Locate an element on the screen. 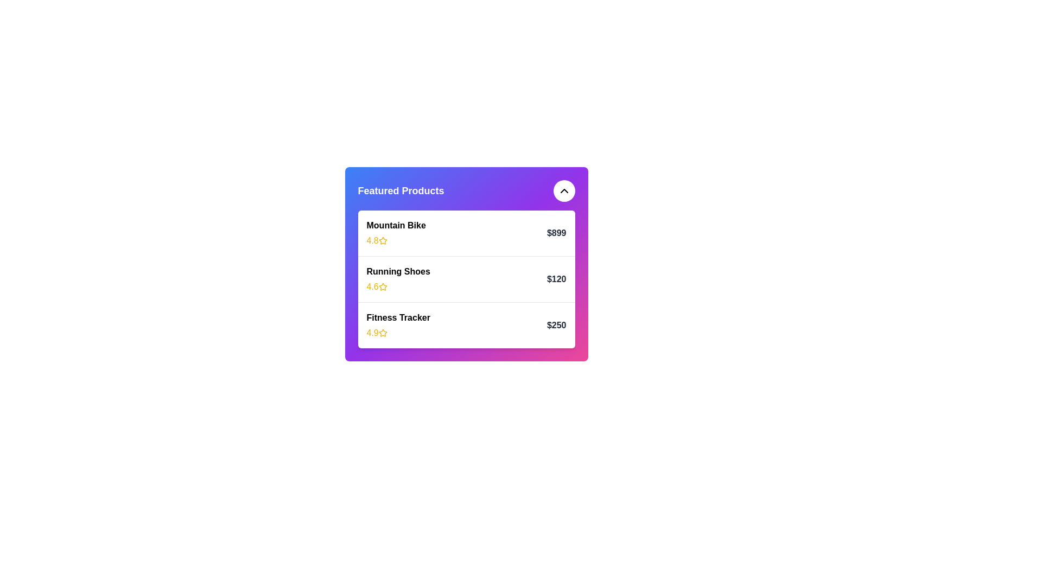 The height and width of the screenshot is (586, 1042). text from the 'Featured Products' label displayed in large, bold white font against a purple gradient background is located at coordinates (401, 190).